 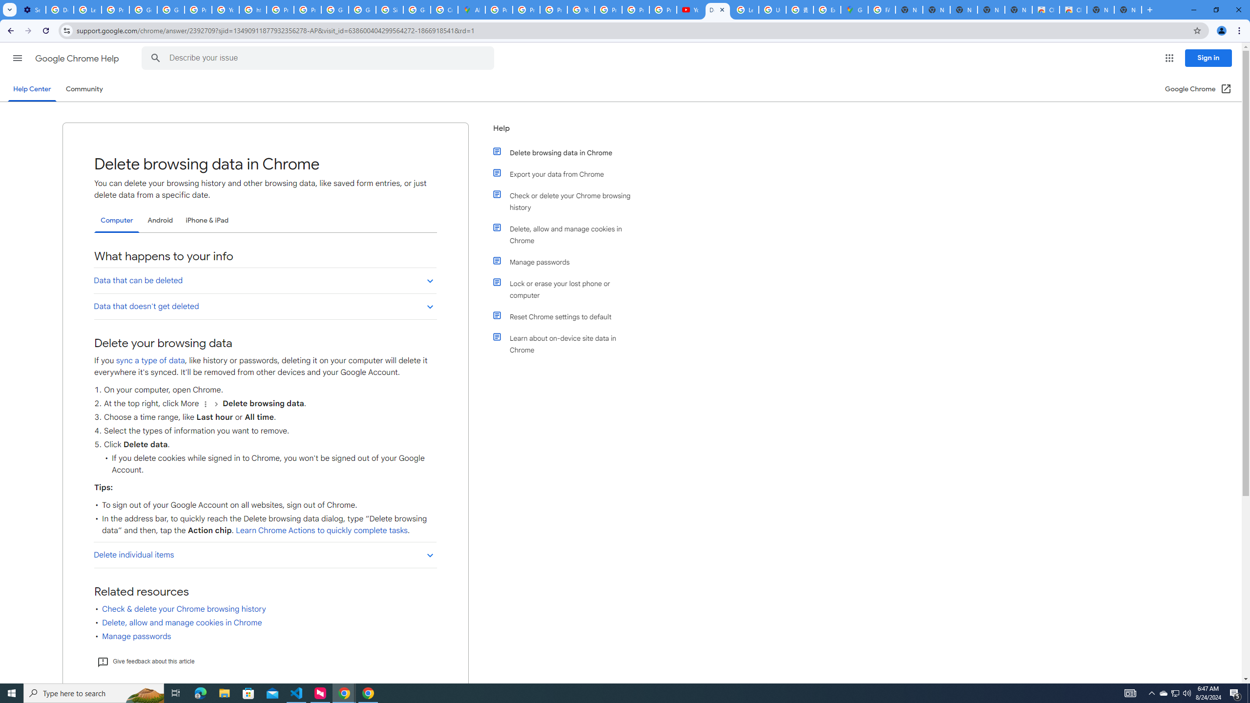 I want to click on 'Search Help Center', so click(x=155, y=58).